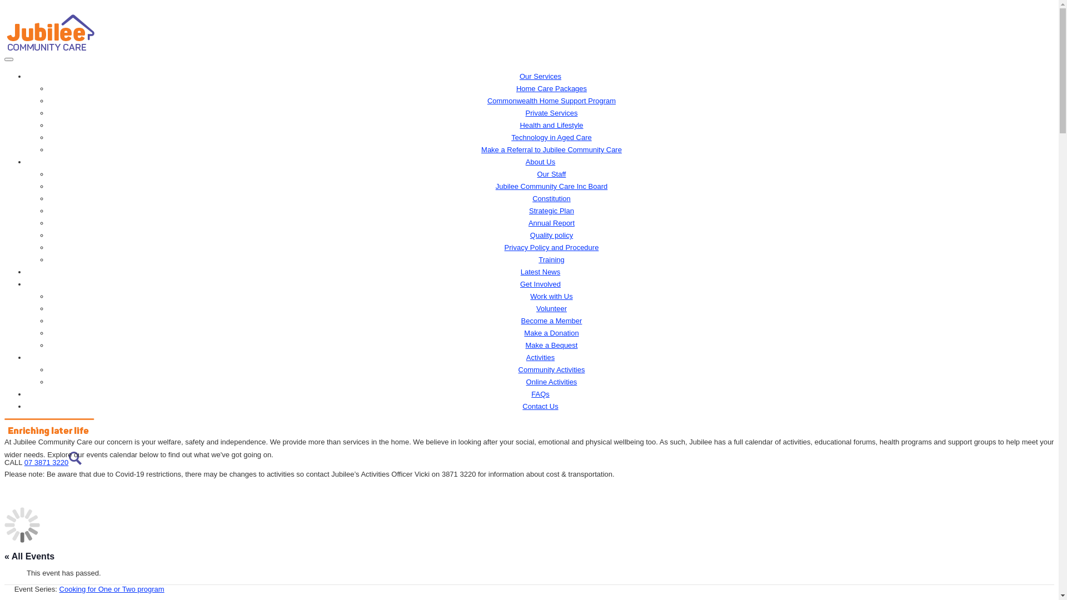  Describe the element at coordinates (525, 162) in the screenshot. I see `'About Us'` at that location.